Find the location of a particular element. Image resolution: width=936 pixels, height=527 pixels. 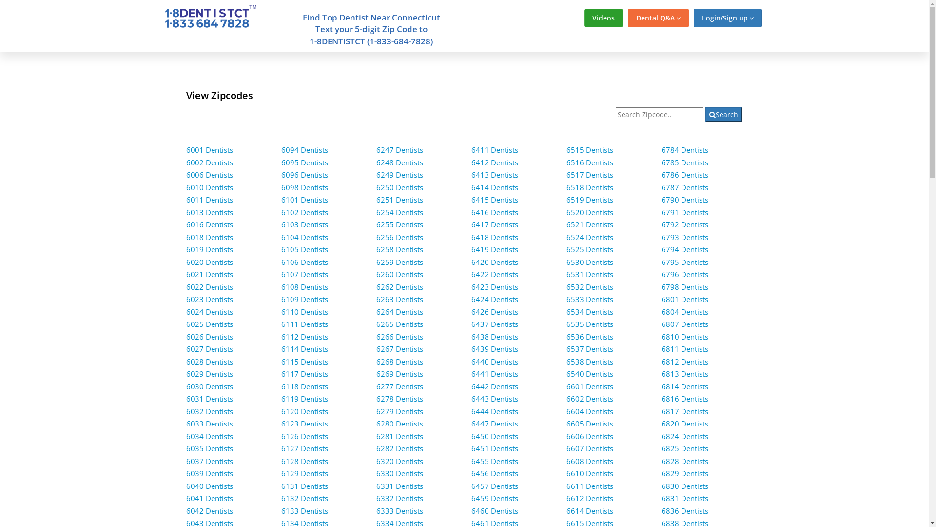

'6796 Dentists' is located at coordinates (684, 274).